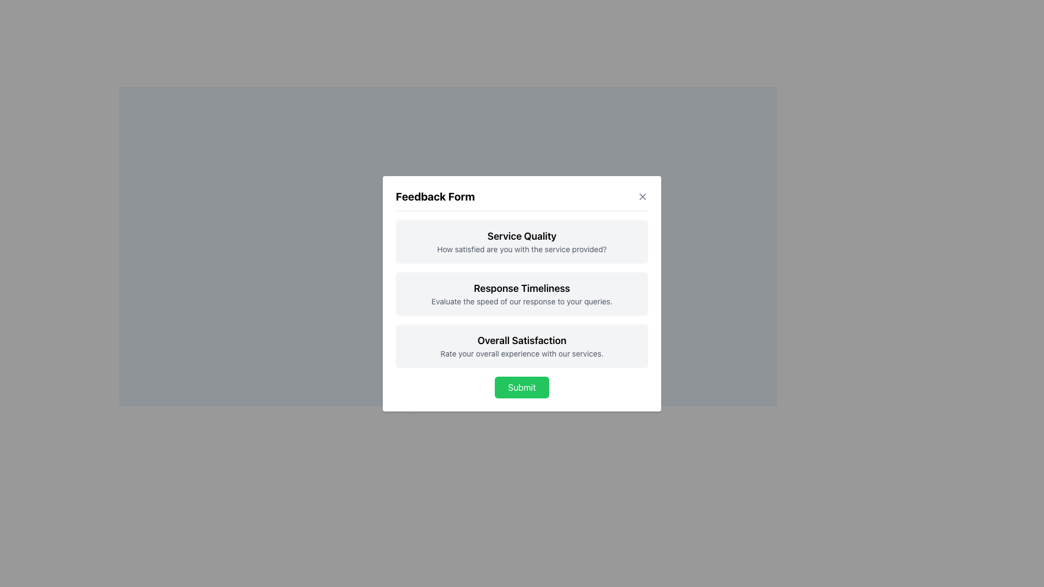 This screenshot has width=1044, height=587. I want to click on the Text Label providing context for evaluating the speed of responses in the feedback form, located below the heading 'Response Timeliness', so click(522, 301).